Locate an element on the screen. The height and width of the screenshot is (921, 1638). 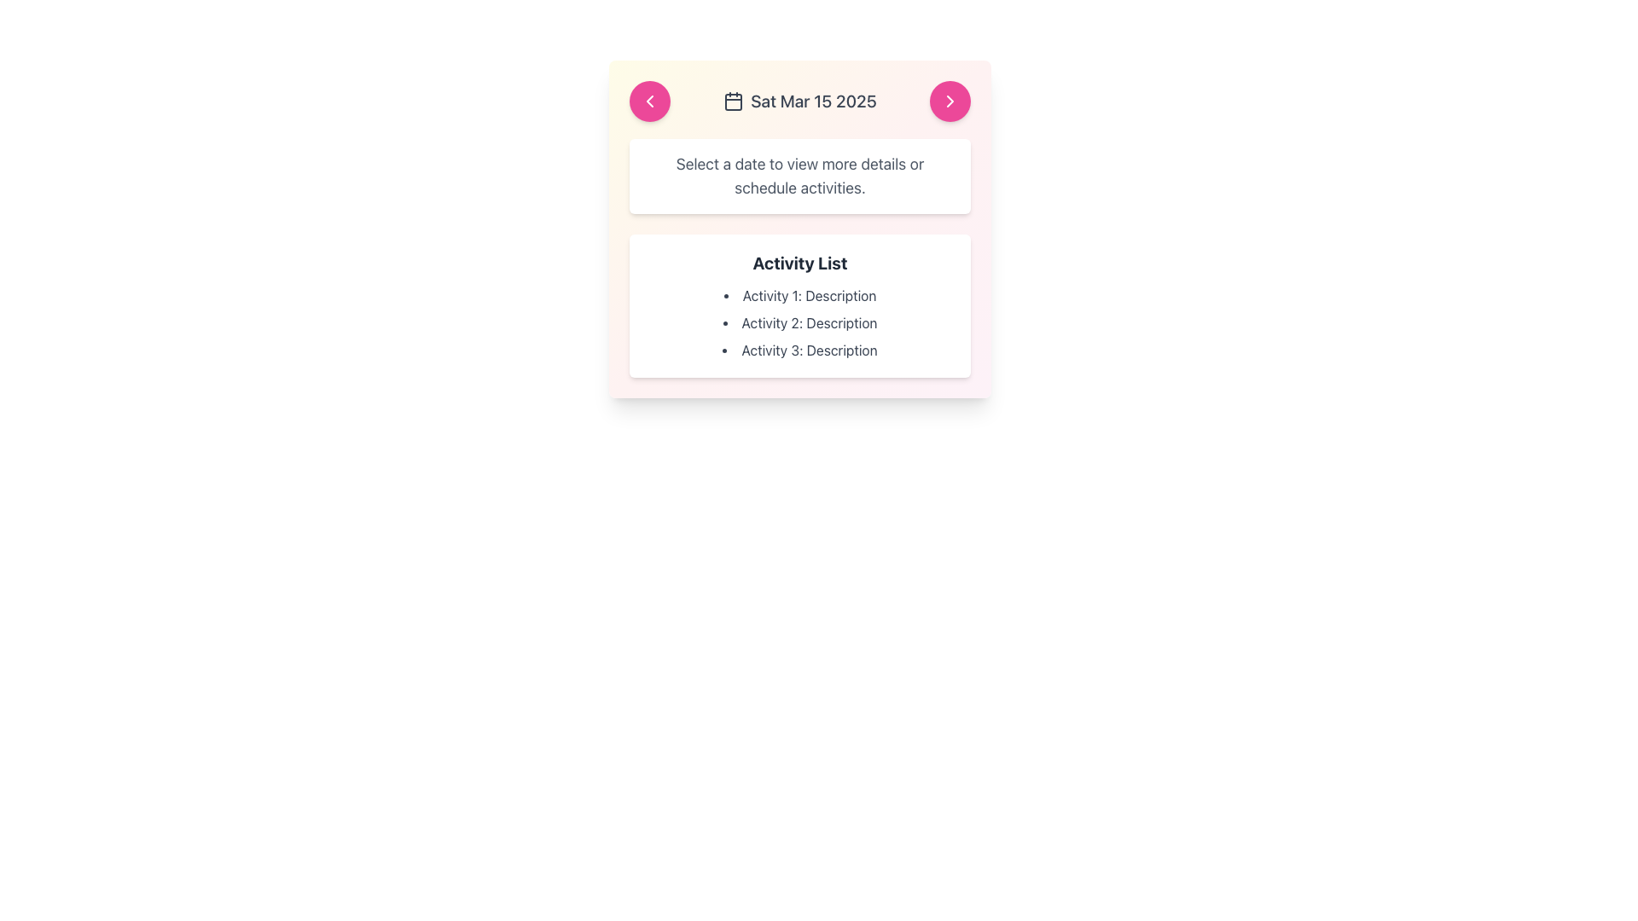
the chevron right arrow icon located at the top-right corner of the card is located at coordinates (949, 101).